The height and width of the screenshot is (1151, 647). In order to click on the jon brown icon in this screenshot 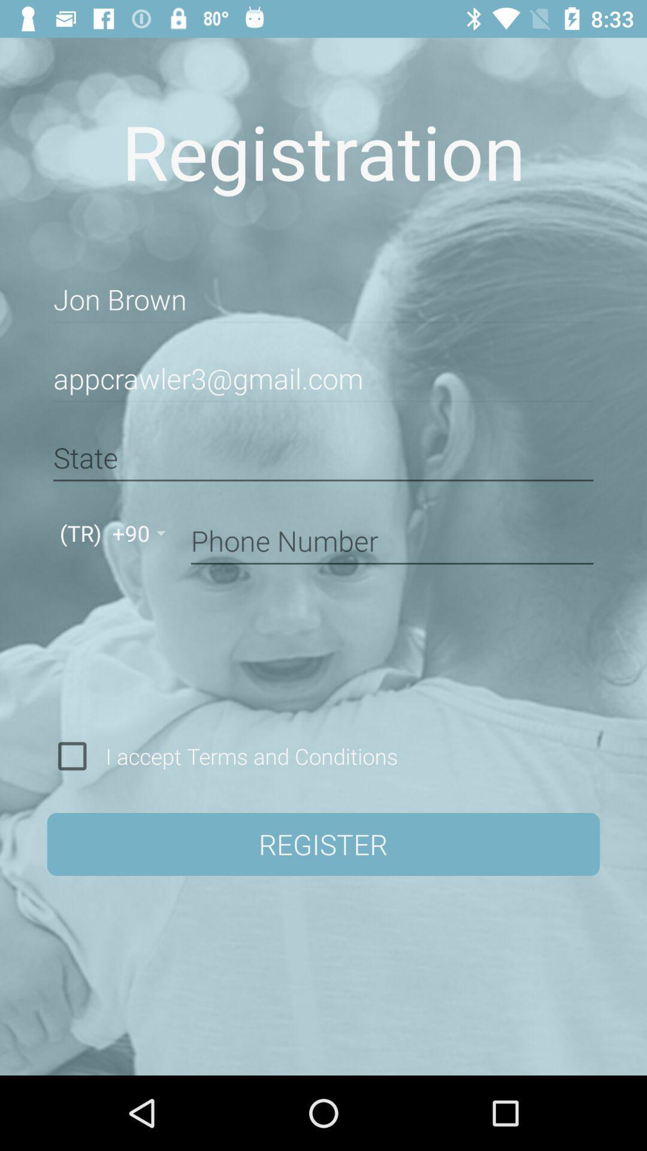, I will do `click(323, 300)`.